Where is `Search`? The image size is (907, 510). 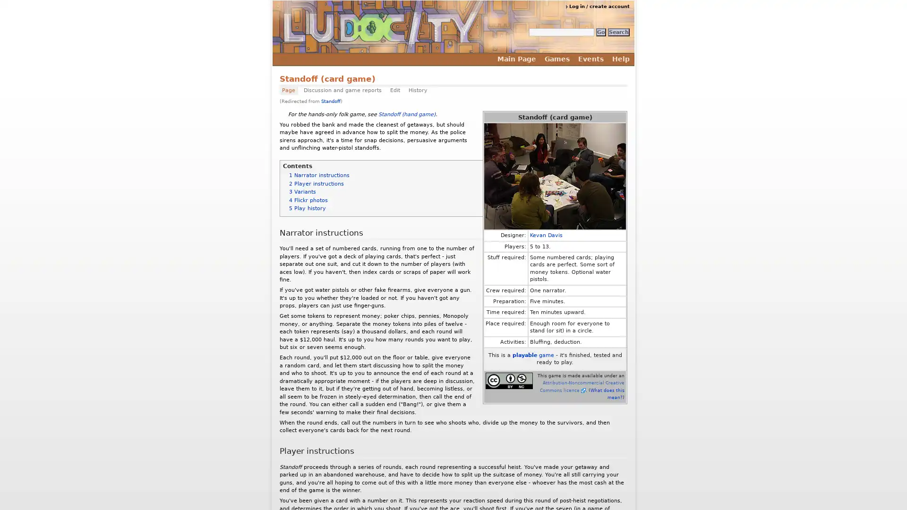
Search is located at coordinates (619, 32).